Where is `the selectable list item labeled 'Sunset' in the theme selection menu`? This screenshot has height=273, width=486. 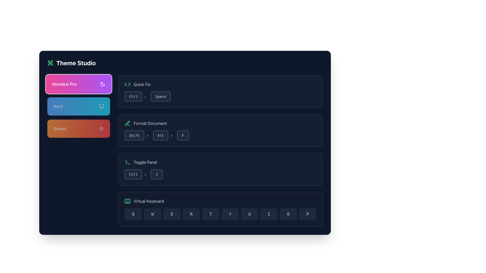
the selectable list item labeled 'Sunset' in the theme selection menu is located at coordinates (78, 128).